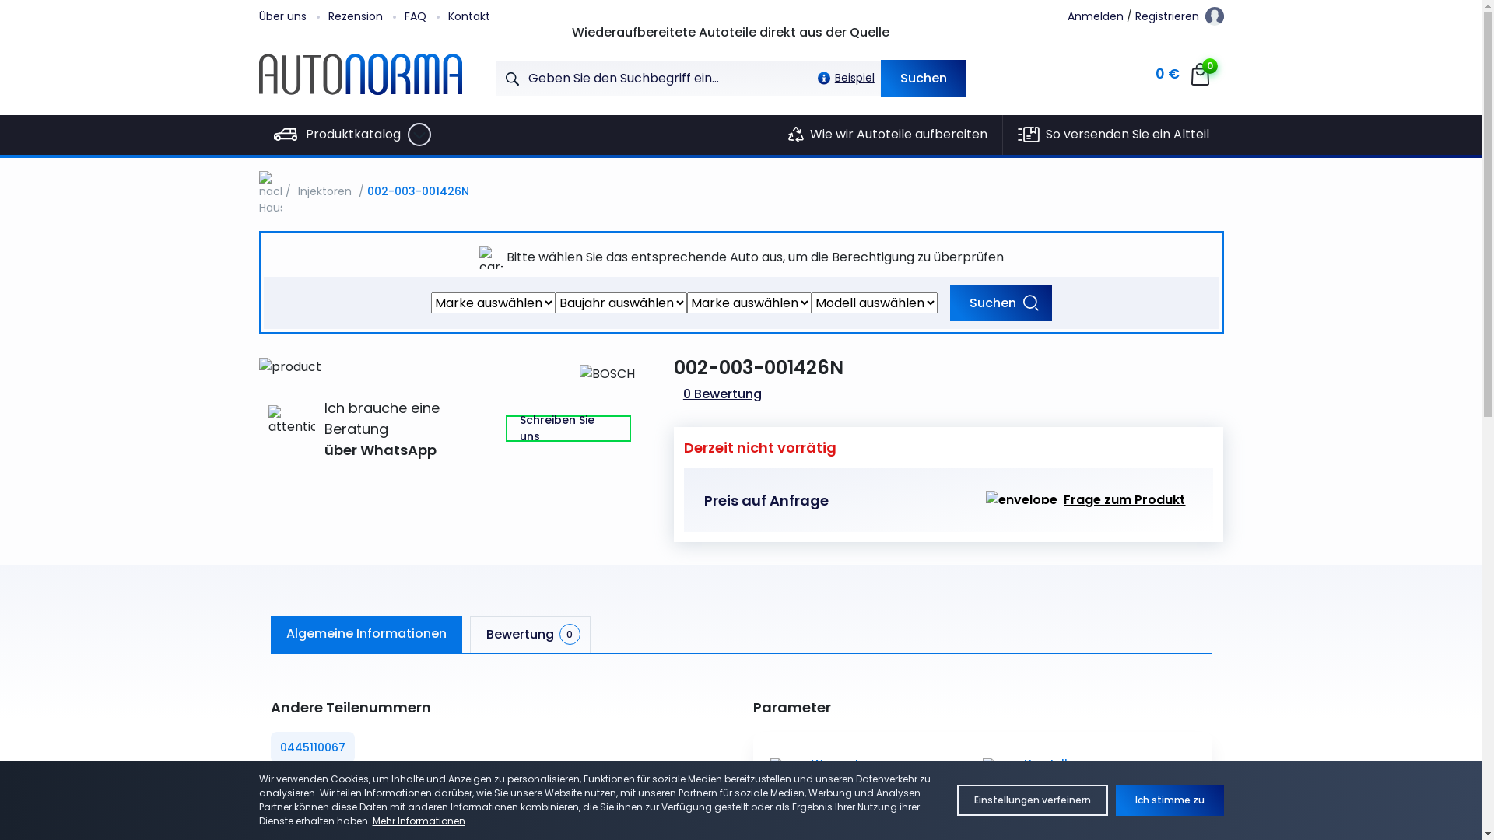  Describe the element at coordinates (1094, 16) in the screenshot. I see `'Anmelden'` at that location.